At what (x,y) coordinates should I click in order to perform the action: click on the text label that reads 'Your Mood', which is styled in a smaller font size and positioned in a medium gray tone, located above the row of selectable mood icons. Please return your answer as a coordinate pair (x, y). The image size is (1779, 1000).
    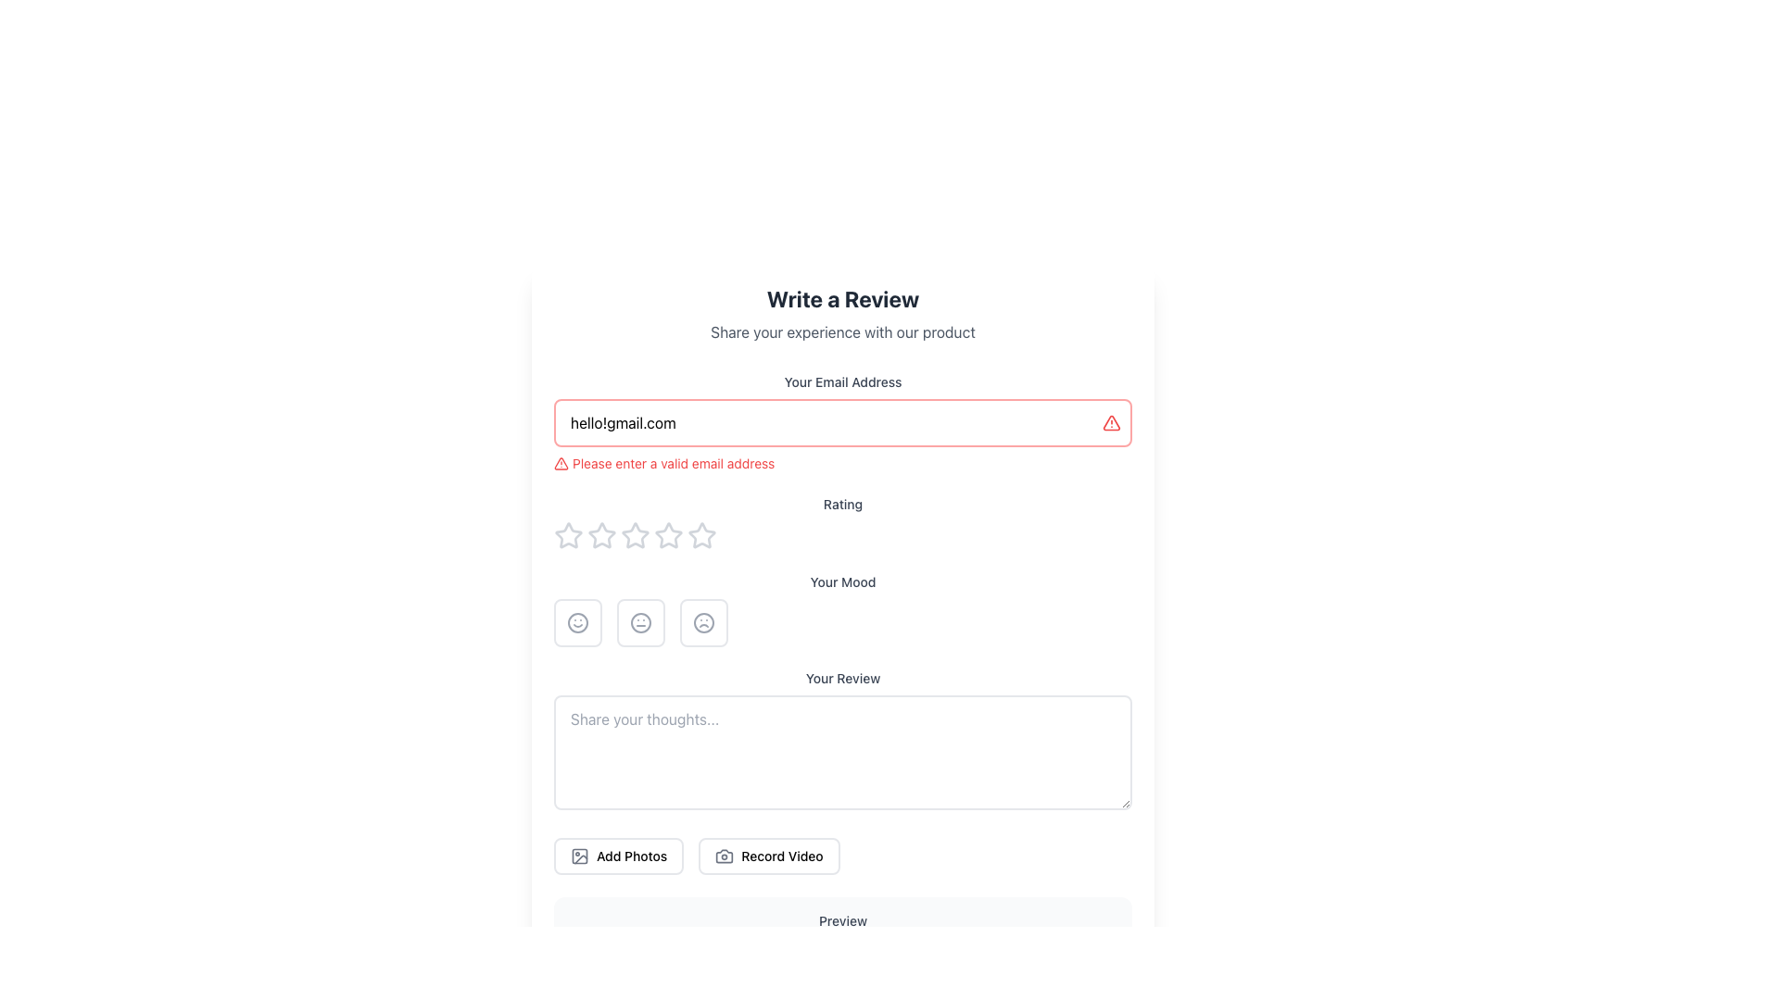
    Looking at the image, I should click on (842, 581).